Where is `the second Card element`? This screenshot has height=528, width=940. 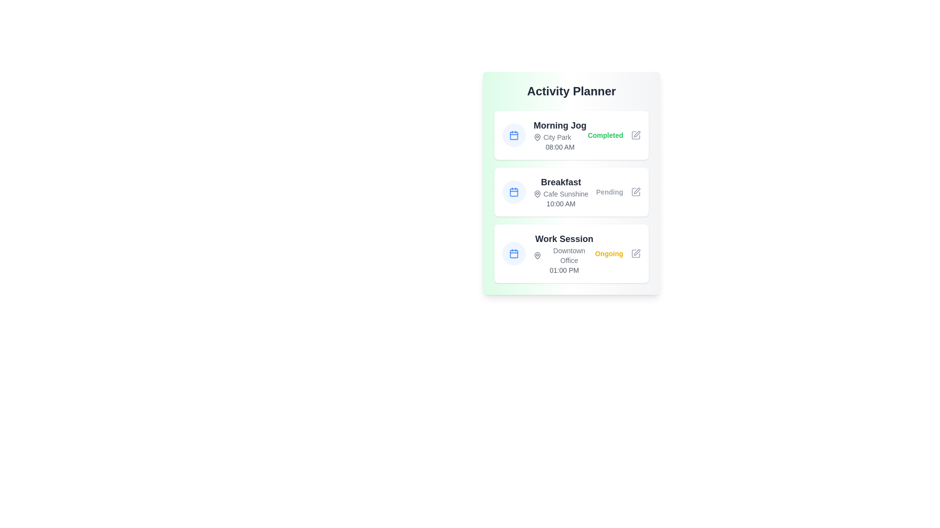 the second Card element is located at coordinates (571, 192).